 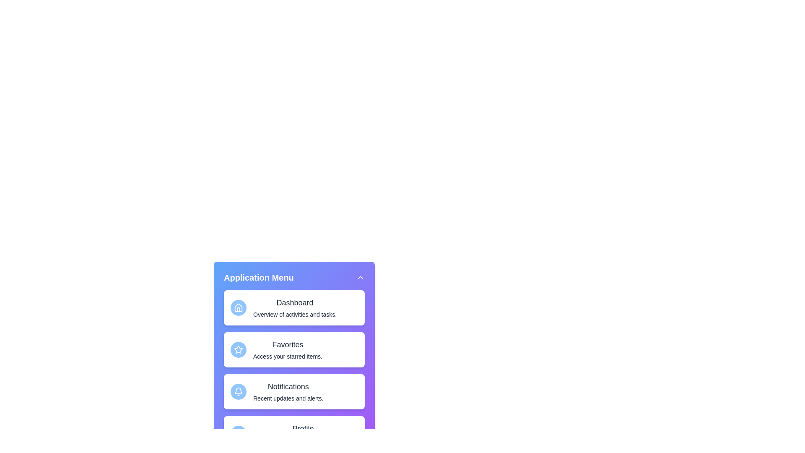 I want to click on the menu item Favorites, so click(x=294, y=349).